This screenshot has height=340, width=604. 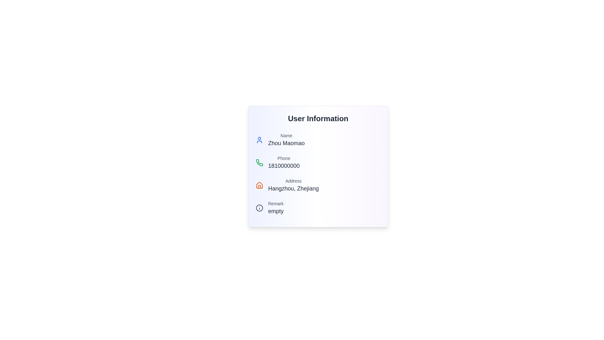 What do you see at coordinates (293, 185) in the screenshot?
I see `the Text Display element showing 'Address' and 'Hangzhou, Zhejiang', which is located in the user information panel` at bounding box center [293, 185].